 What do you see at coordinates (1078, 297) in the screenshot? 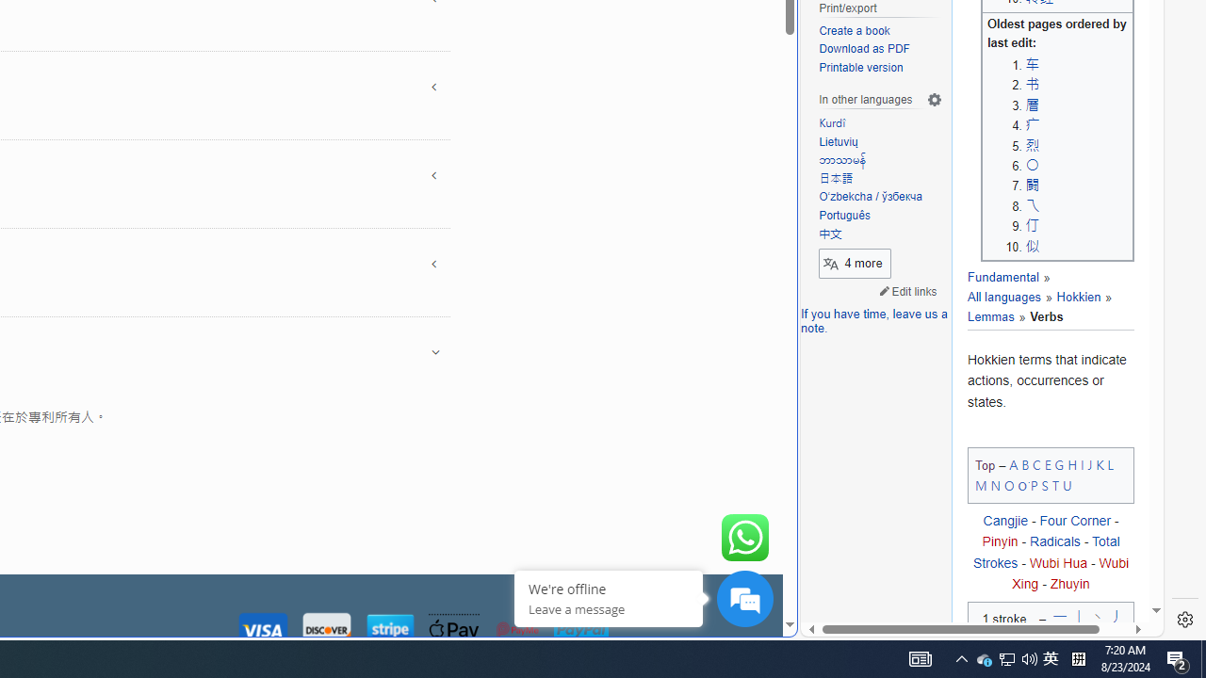
I see `'Hokkien'` at bounding box center [1078, 297].